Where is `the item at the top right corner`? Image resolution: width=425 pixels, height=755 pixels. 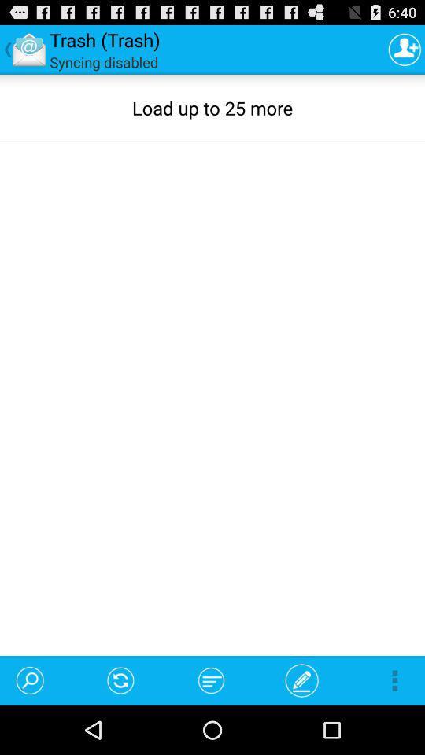 the item at the top right corner is located at coordinates (405, 49).